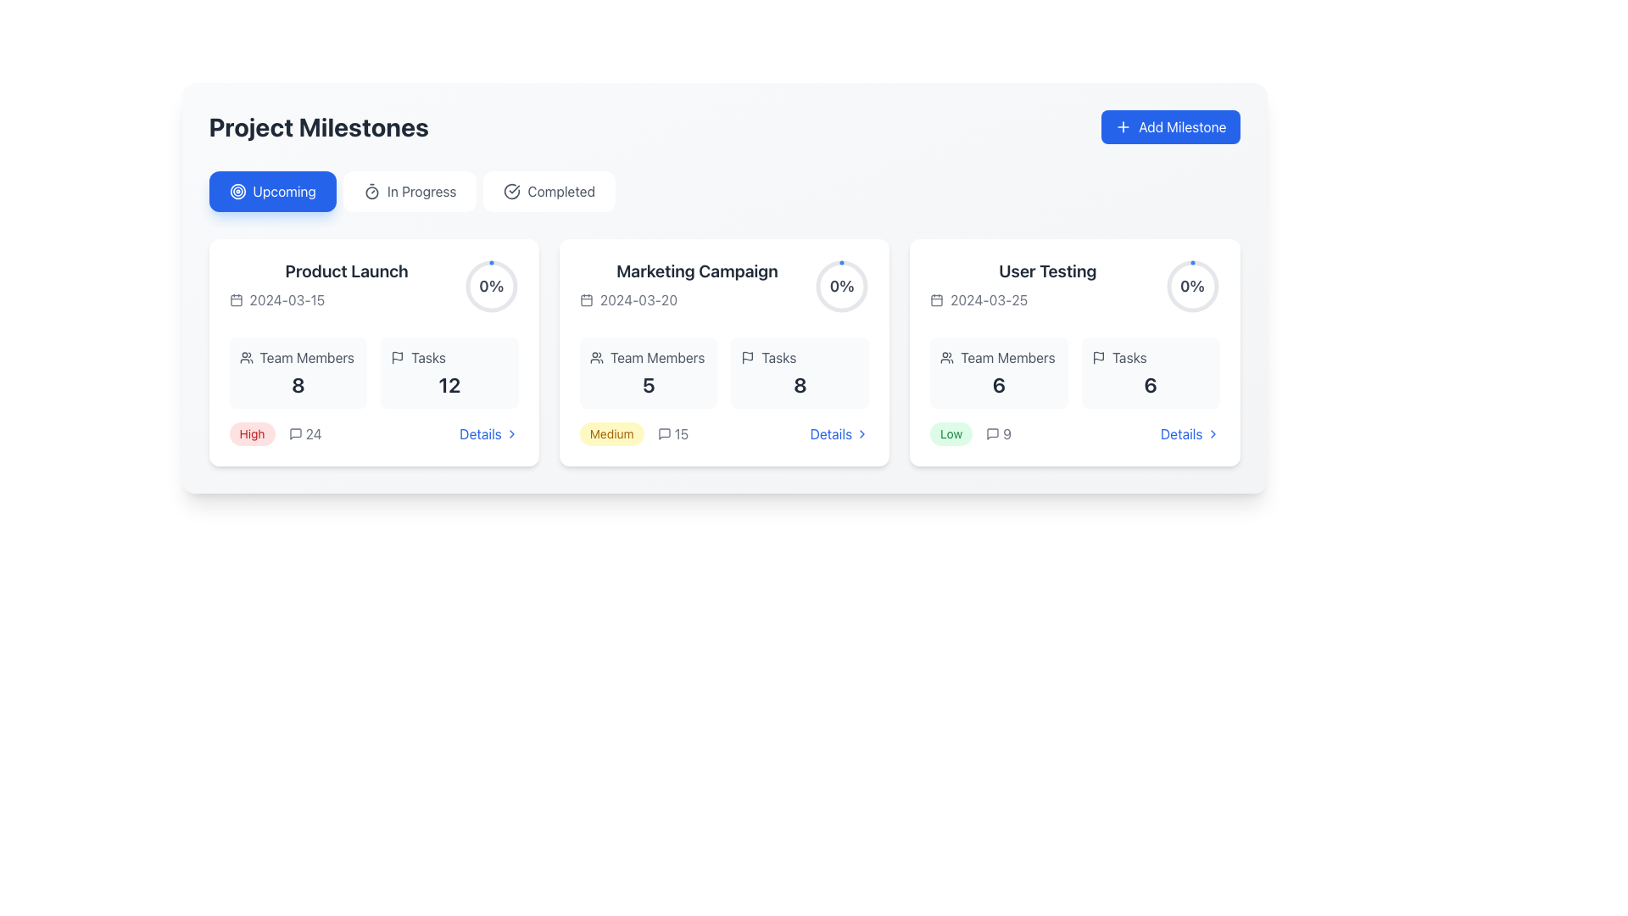 Image resolution: width=1628 pixels, height=916 pixels. I want to click on displayed percentage value from the Circular progress indicator located in the top-right corner of the 'User Testing' card, so click(1191, 286).